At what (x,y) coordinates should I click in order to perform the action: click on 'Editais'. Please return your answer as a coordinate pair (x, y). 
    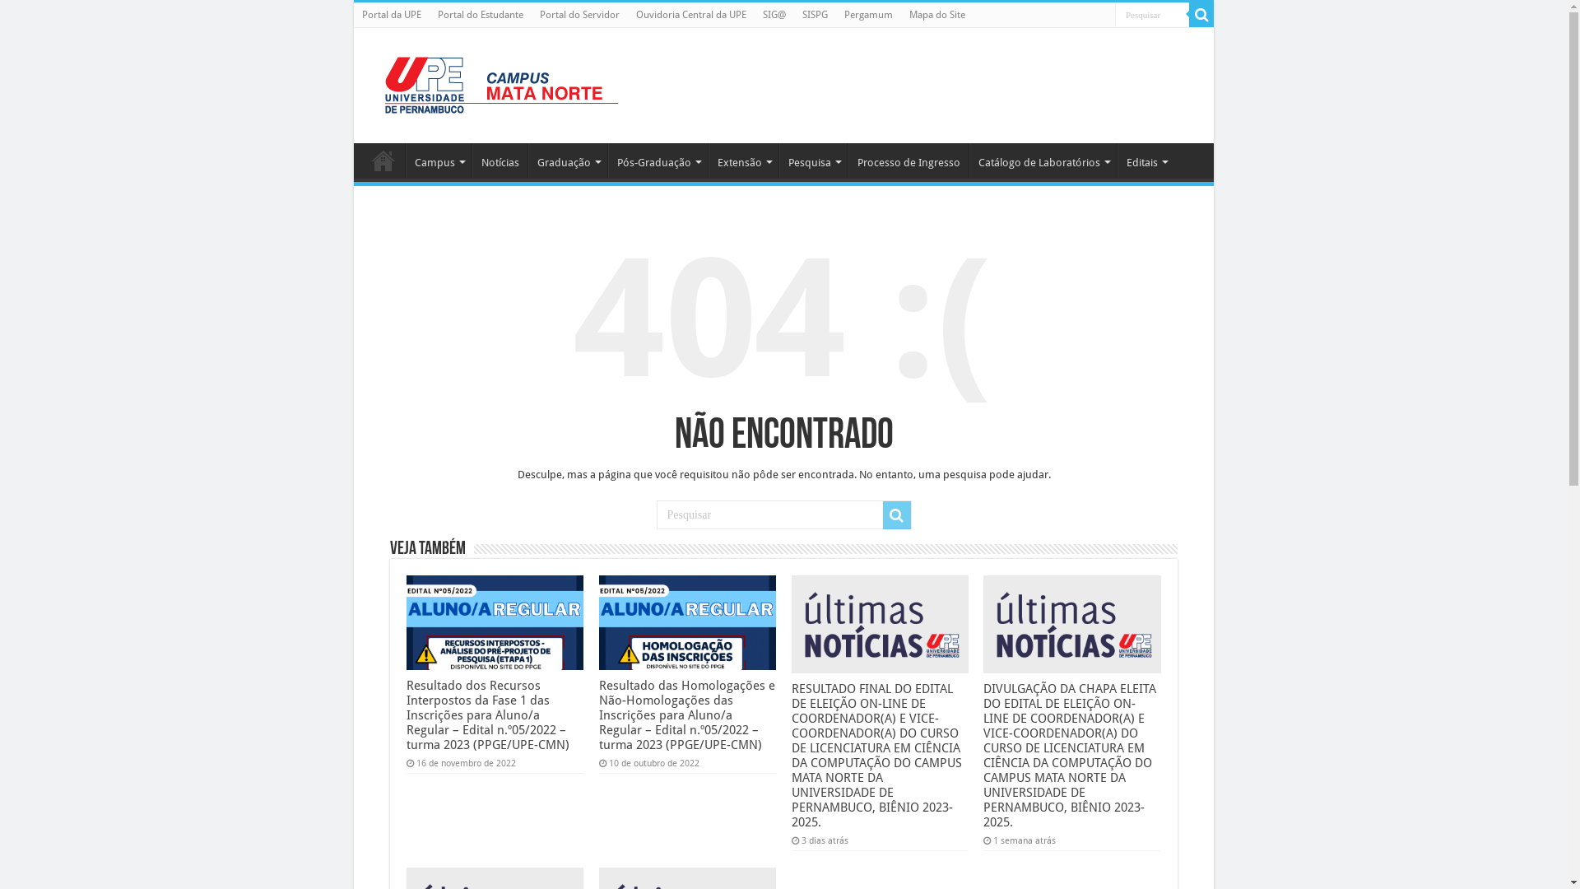
    Looking at the image, I should click on (1145, 161).